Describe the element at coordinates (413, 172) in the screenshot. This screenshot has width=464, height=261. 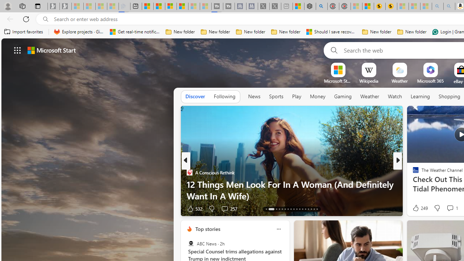
I see `'Fast Company'` at that location.